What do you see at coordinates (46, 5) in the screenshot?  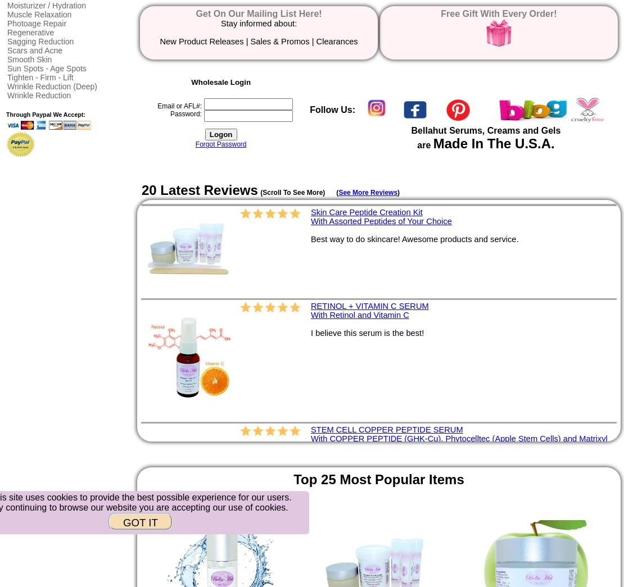 I see `'Moisturizer / Hydration'` at bounding box center [46, 5].